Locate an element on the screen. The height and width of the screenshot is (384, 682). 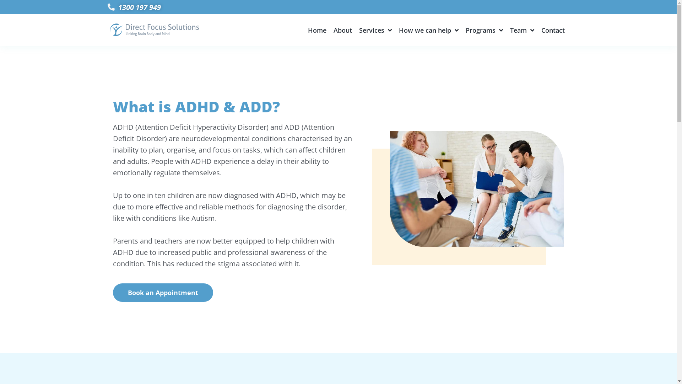
'Book an Appointment' is located at coordinates (163, 292).